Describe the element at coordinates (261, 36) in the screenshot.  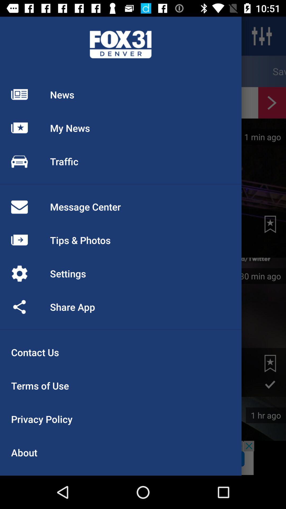
I see `the sliders icon` at that location.